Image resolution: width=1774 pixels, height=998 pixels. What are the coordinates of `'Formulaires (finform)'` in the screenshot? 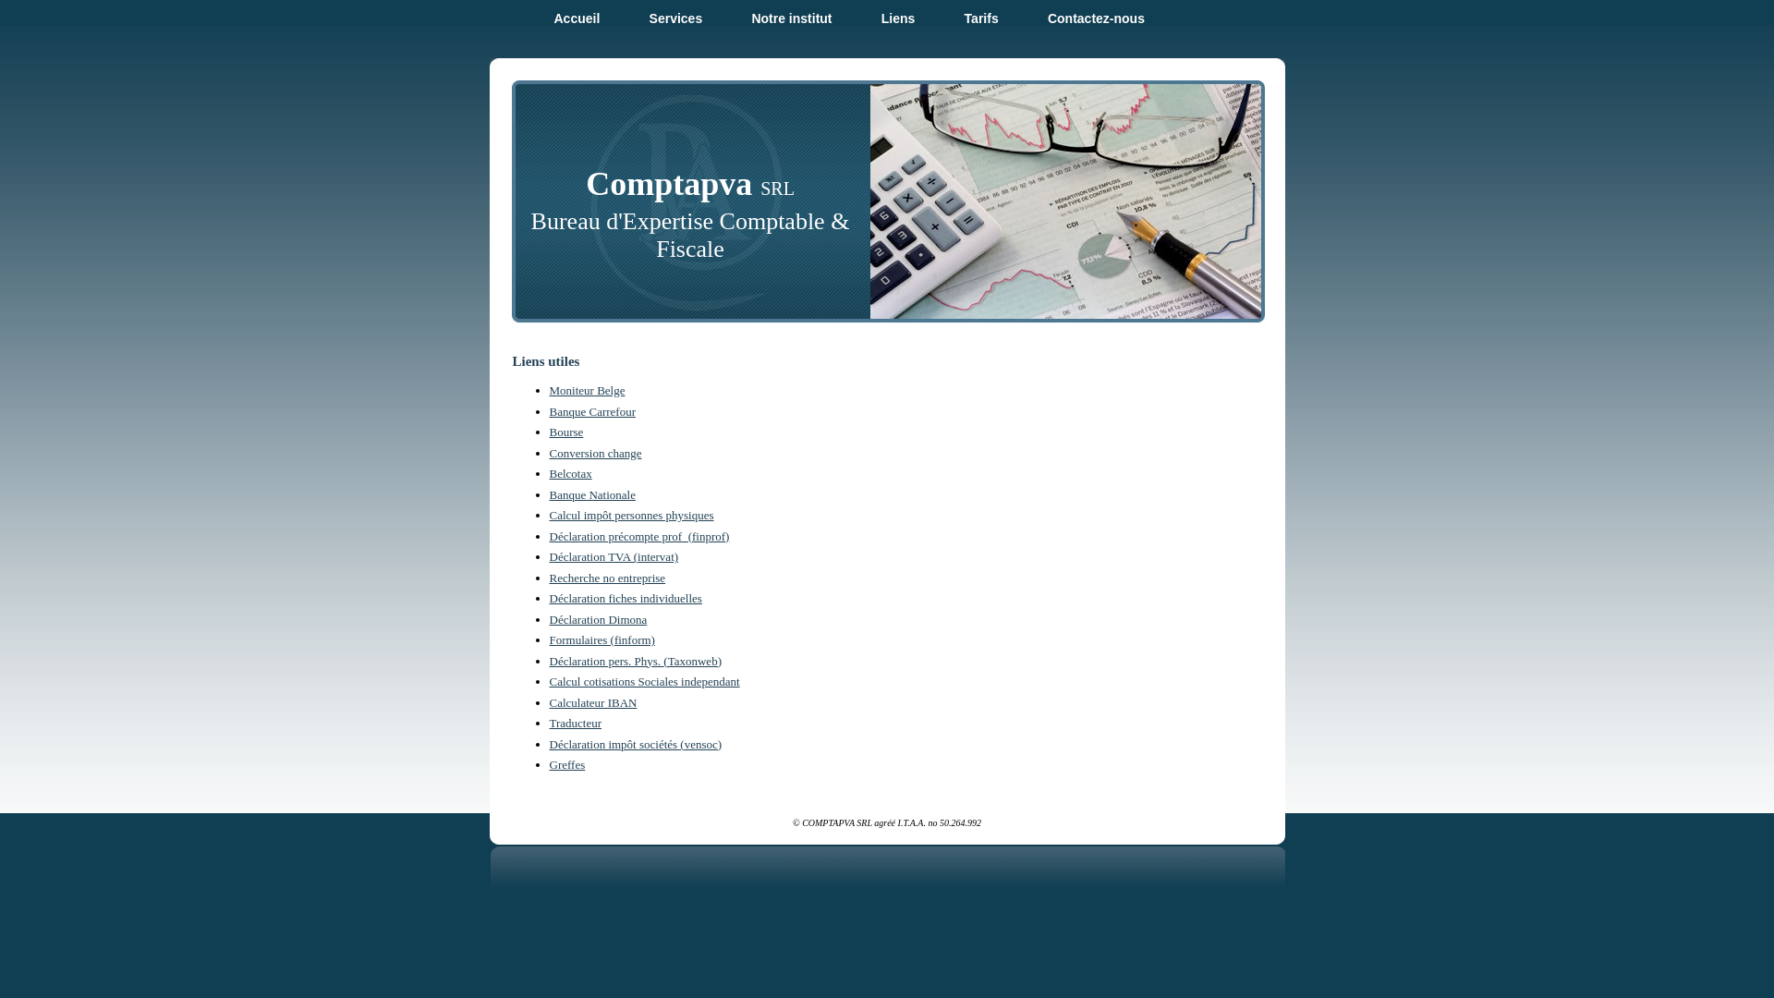 It's located at (548, 639).